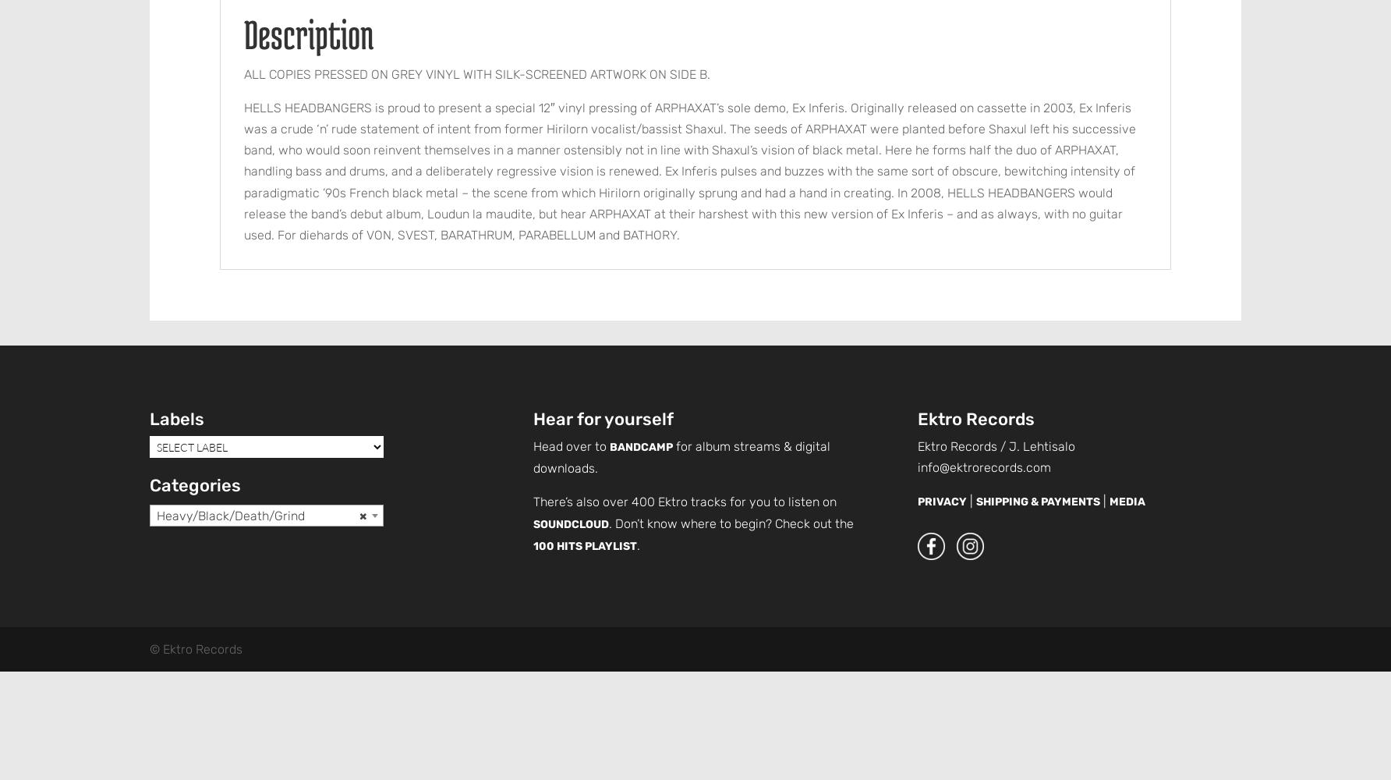 The width and height of the screenshot is (1391, 780). I want to click on 'info@ektrorecords.com', so click(982, 466).